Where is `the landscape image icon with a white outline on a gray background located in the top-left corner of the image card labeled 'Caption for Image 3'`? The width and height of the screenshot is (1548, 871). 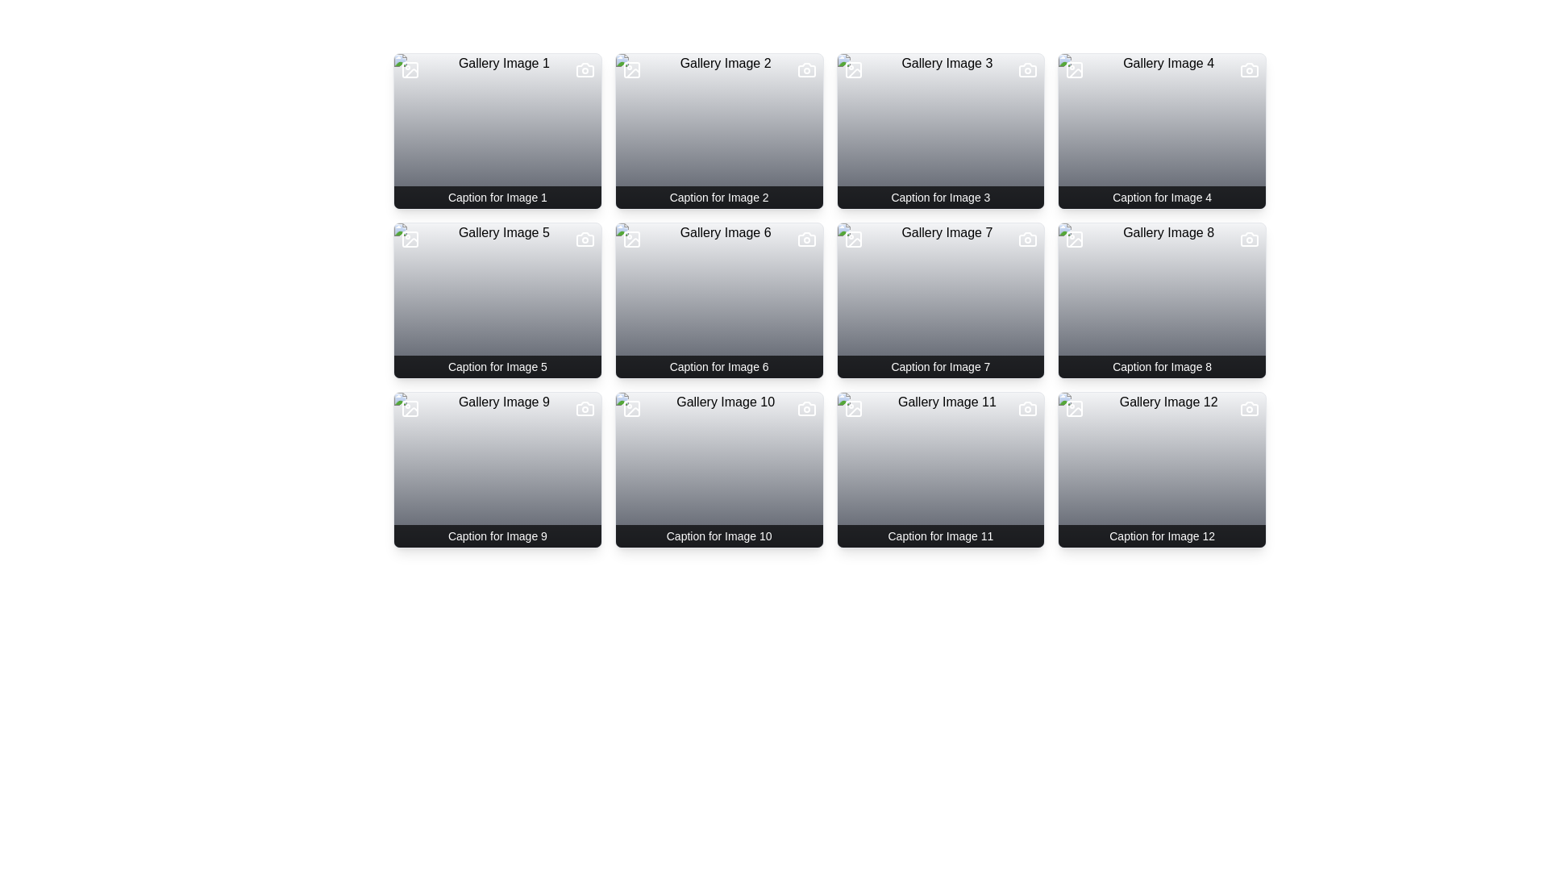
the landscape image icon with a white outline on a gray background located in the top-left corner of the image card labeled 'Caption for Image 3' is located at coordinates (852, 69).